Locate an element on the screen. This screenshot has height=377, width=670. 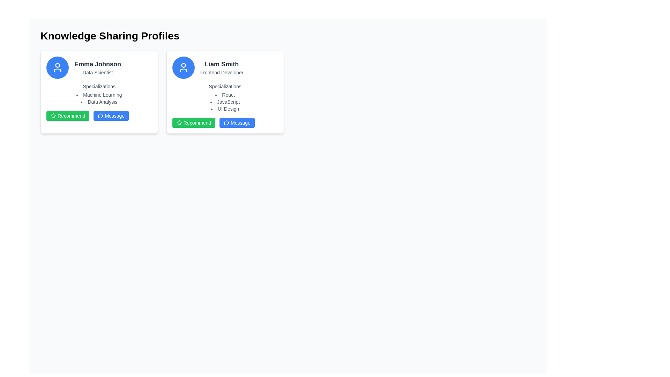
prominent, bold text element labeled 'Knowledge Sharing Profiles' located at the top-left section of the interface is located at coordinates (110, 36).